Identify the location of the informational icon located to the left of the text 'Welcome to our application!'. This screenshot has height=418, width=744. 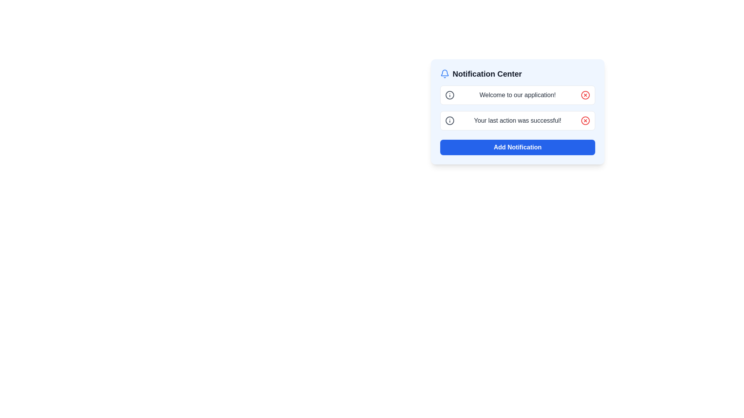
(450, 95).